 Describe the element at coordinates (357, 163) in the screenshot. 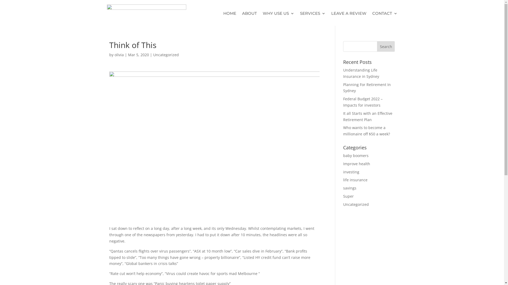

I see `'Improve health'` at that location.